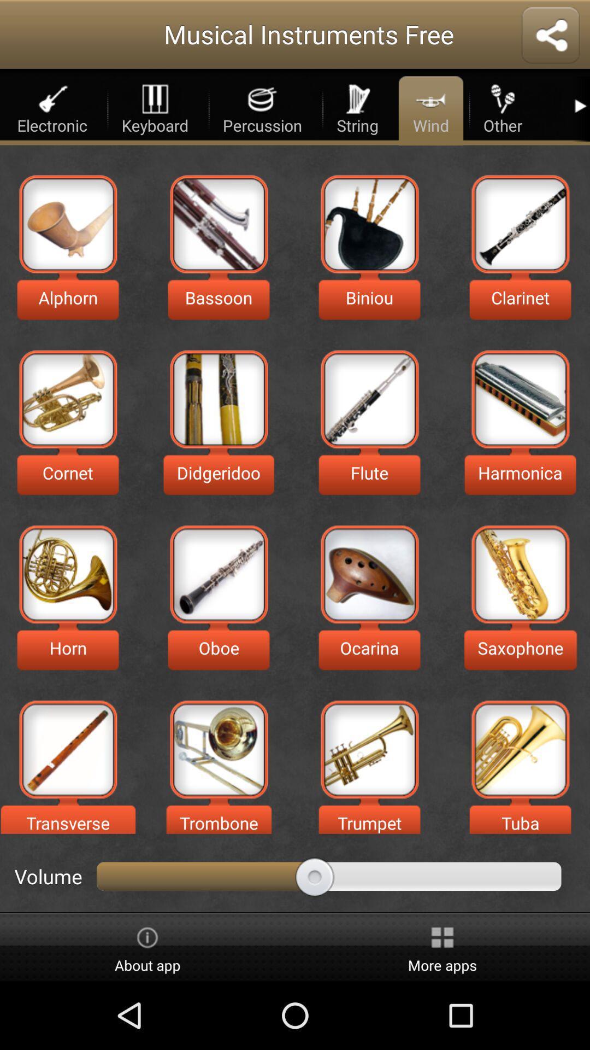  What do you see at coordinates (520, 574) in the screenshot?
I see `listen to saxophone` at bounding box center [520, 574].